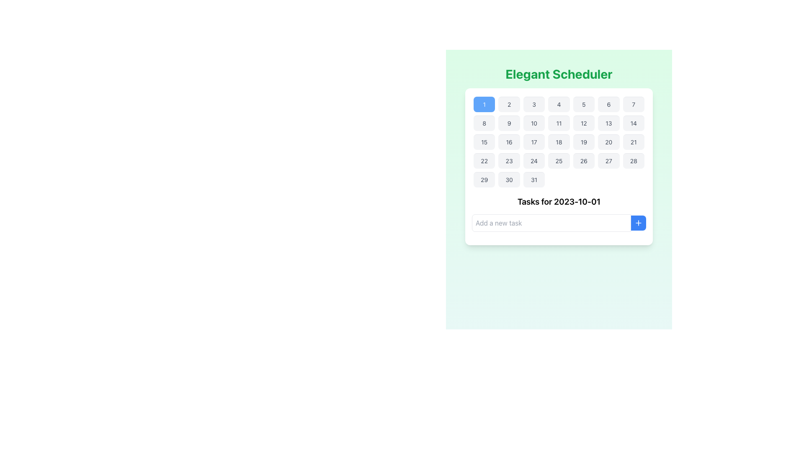  What do you see at coordinates (583, 161) in the screenshot?
I see `the grid cell displaying the number '26'` at bounding box center [583, 161].